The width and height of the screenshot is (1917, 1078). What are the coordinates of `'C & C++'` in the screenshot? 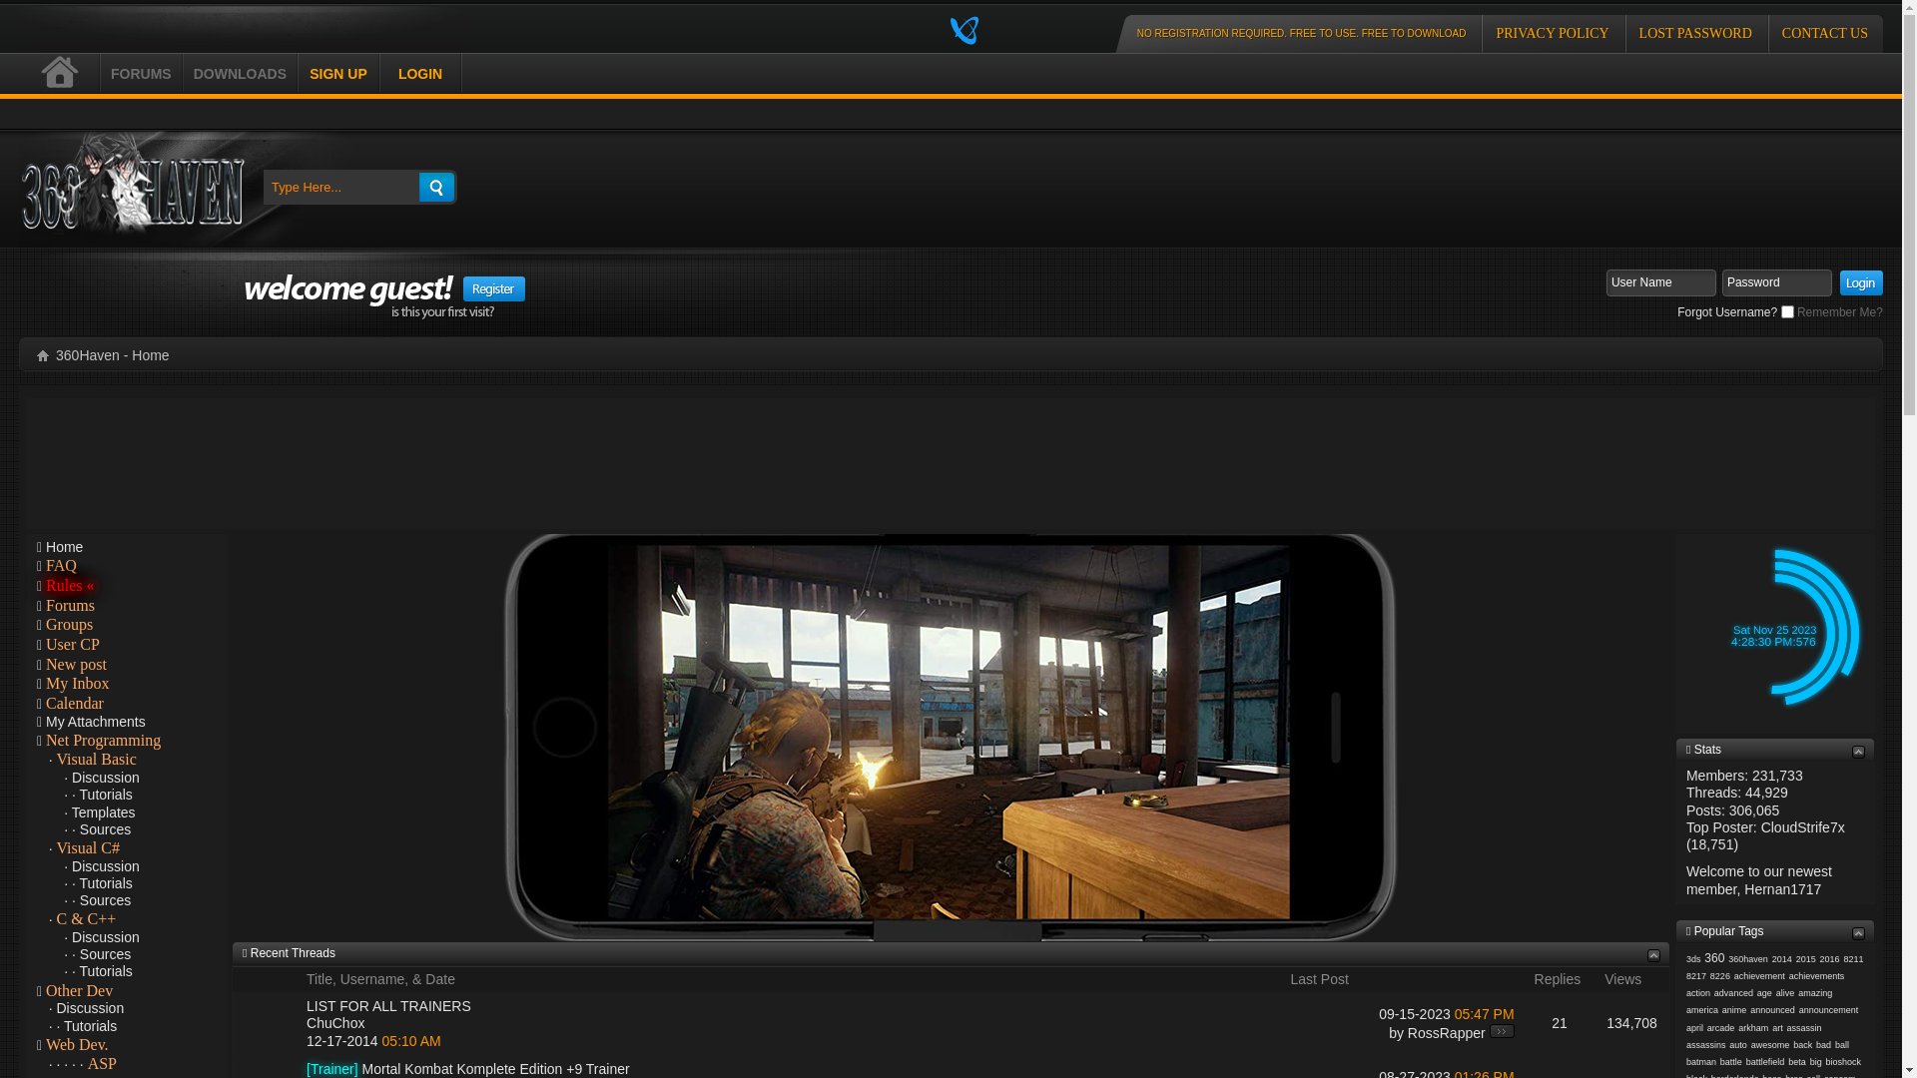 It's located at (85, 919).